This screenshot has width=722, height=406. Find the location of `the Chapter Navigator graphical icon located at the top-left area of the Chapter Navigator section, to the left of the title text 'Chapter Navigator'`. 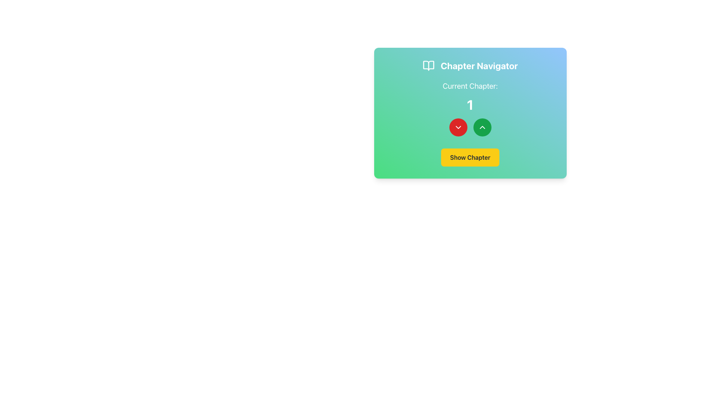

the Chapter Navigator graphical icon located at the top-left area of the Chapter Navigator section, to the left of the title text 'Chapter Navigator' is located at coordinates (428, 65).